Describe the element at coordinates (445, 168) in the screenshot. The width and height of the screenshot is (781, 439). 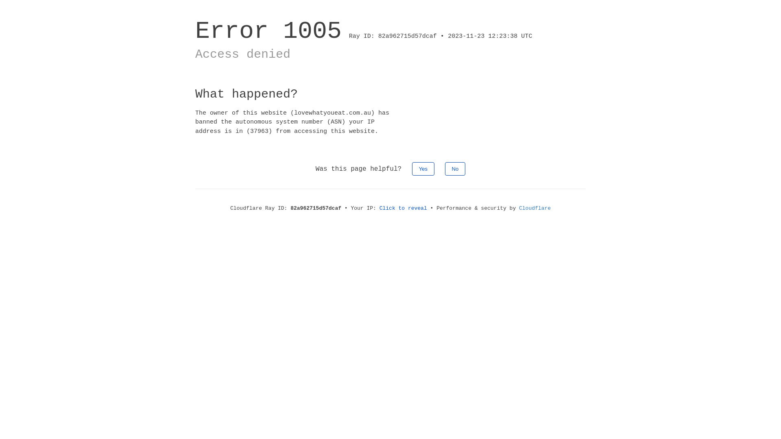
I see `'No'` at that location.